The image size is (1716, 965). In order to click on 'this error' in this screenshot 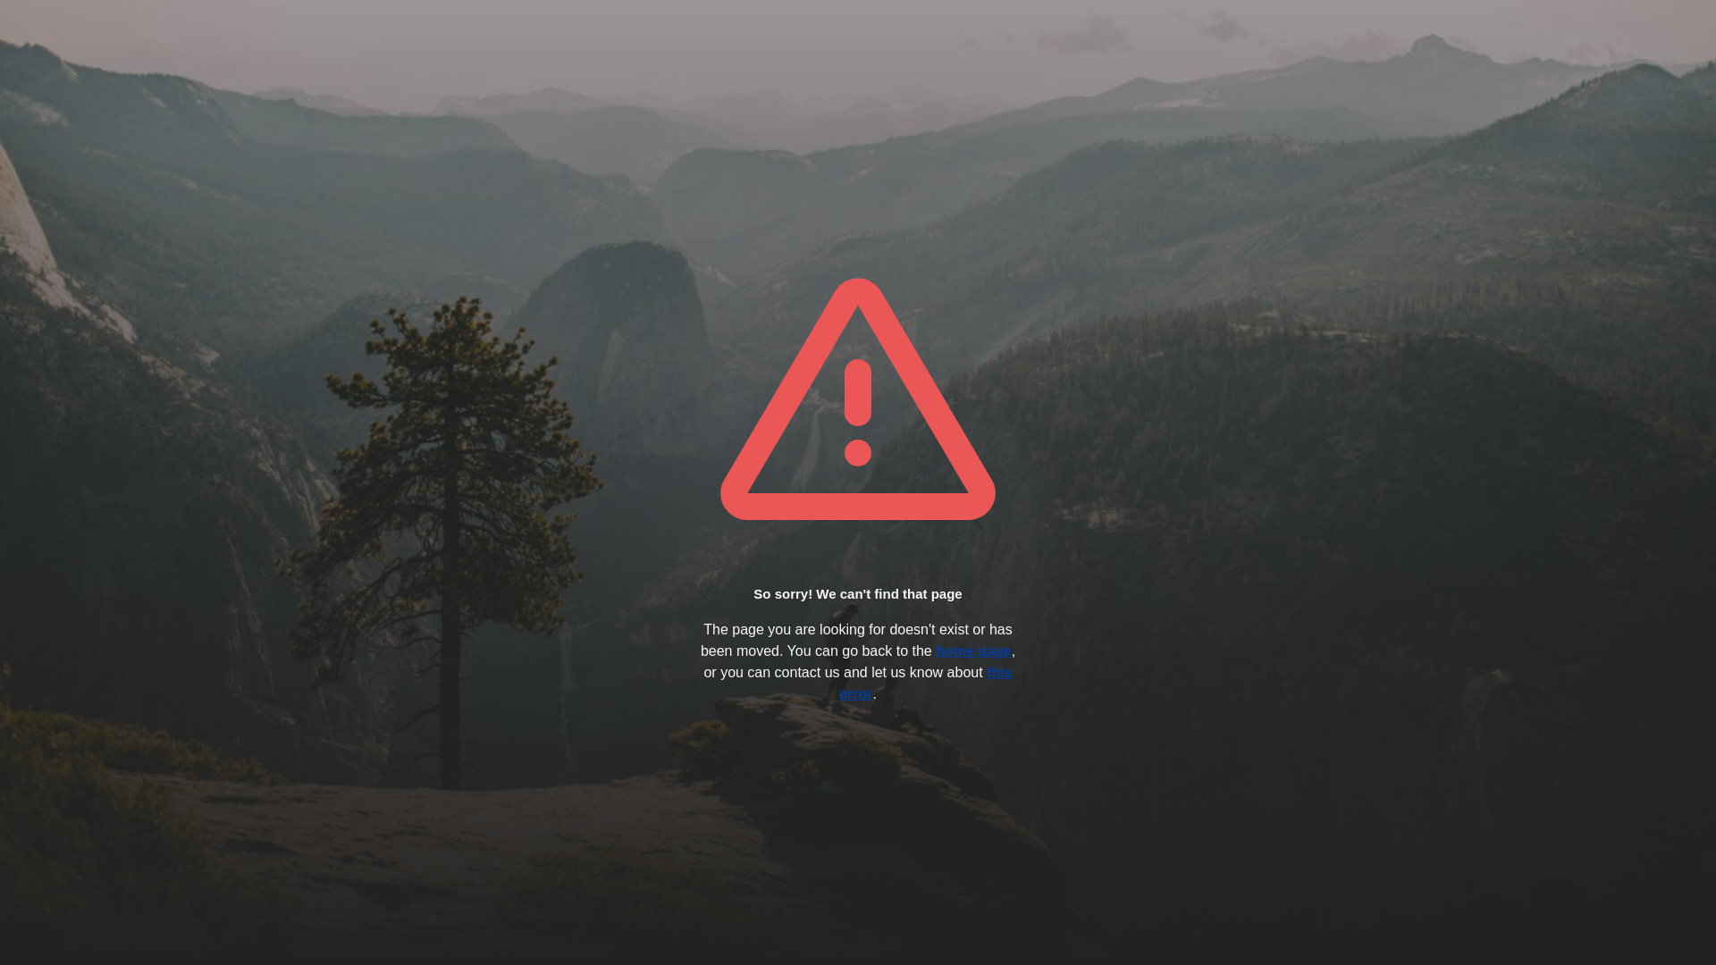, I will do `click(925, 683)`.